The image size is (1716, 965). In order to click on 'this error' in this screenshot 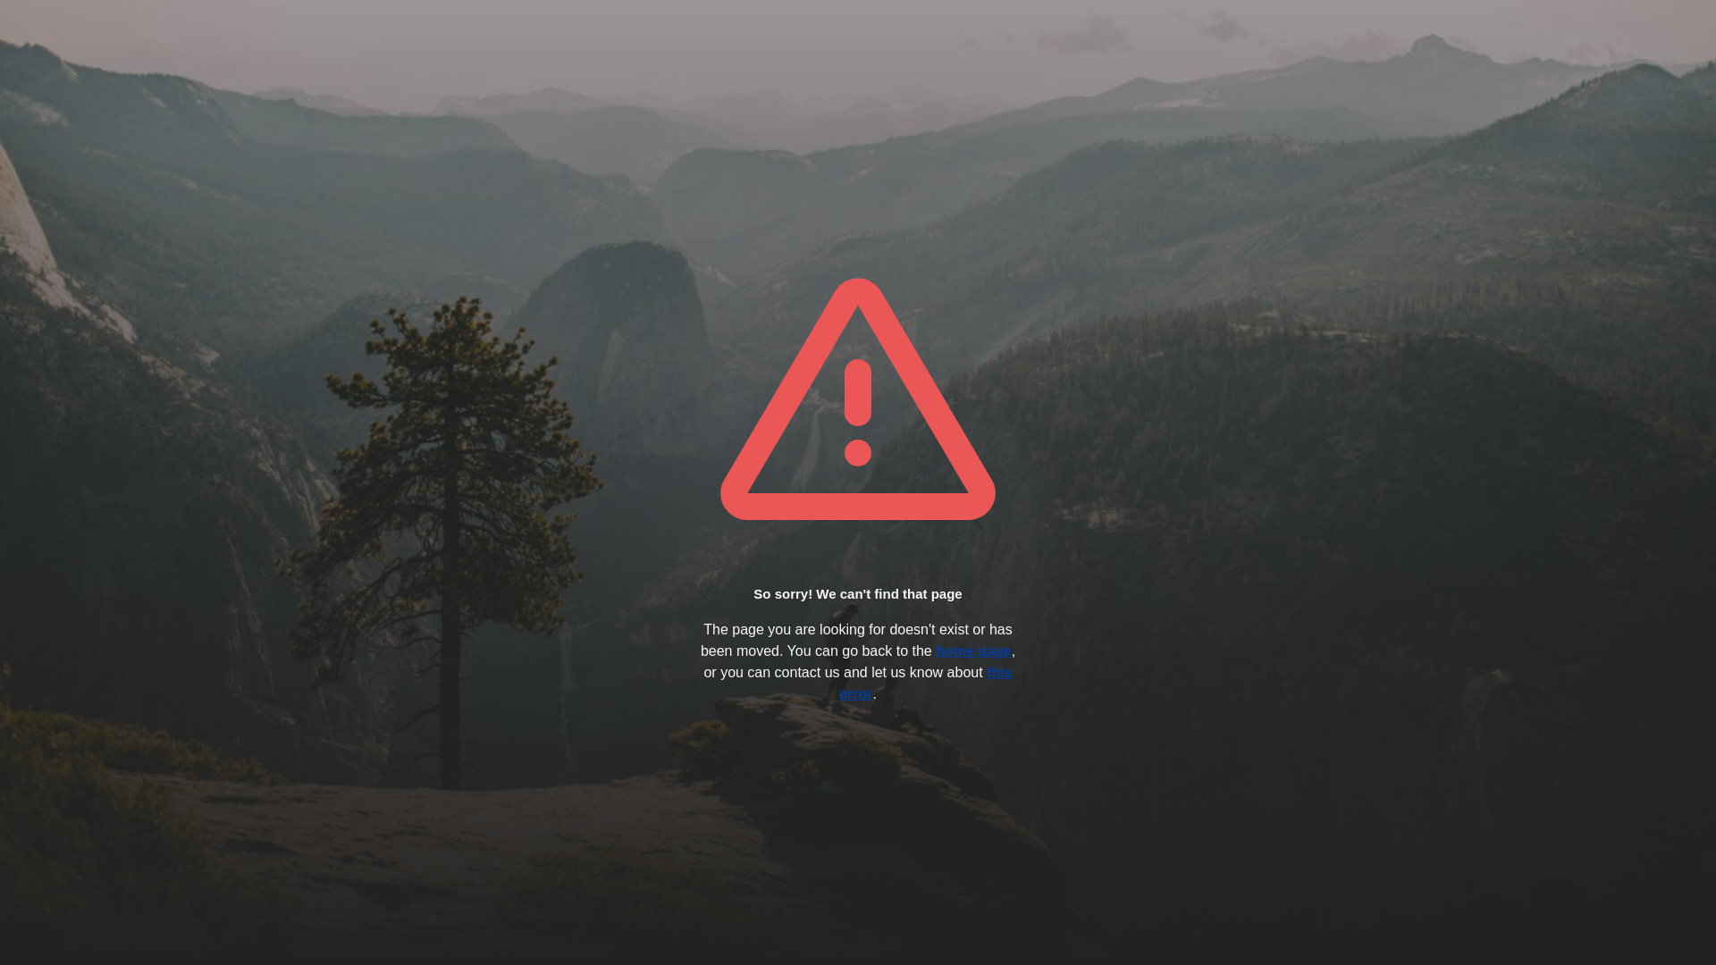, I will do `click(925, 683)`.